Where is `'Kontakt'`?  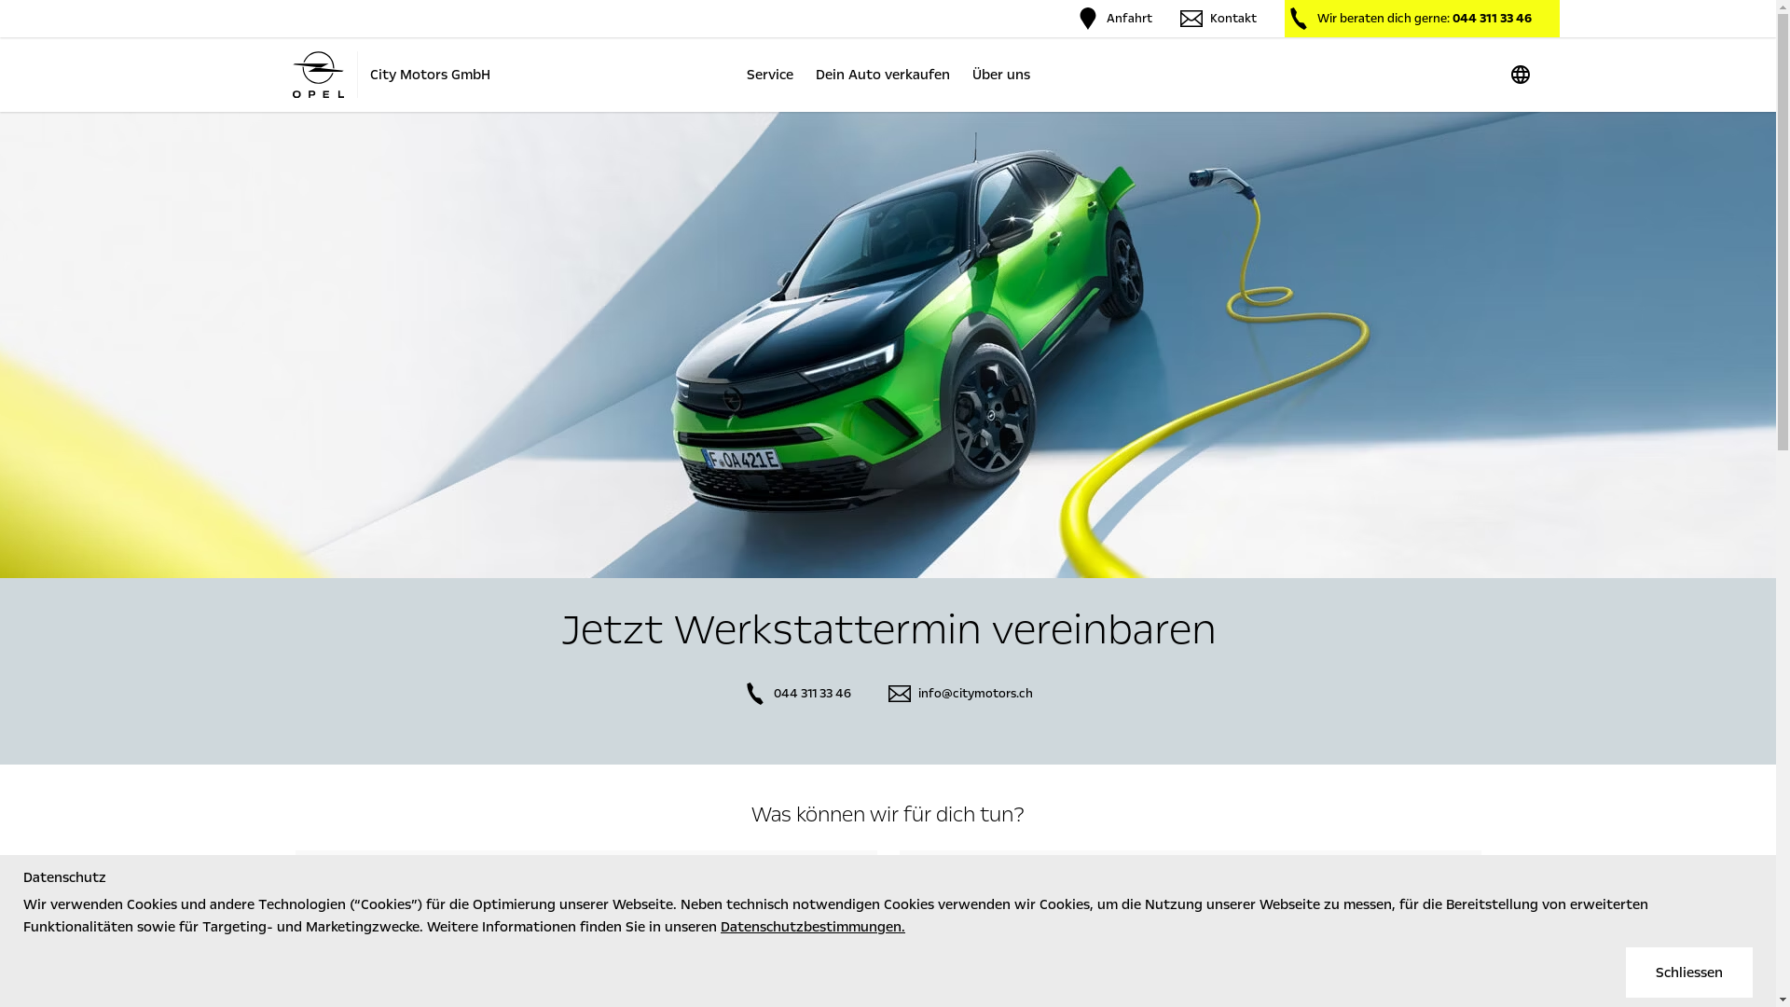 'Kontakt' is located at coordinates (1218, 18).